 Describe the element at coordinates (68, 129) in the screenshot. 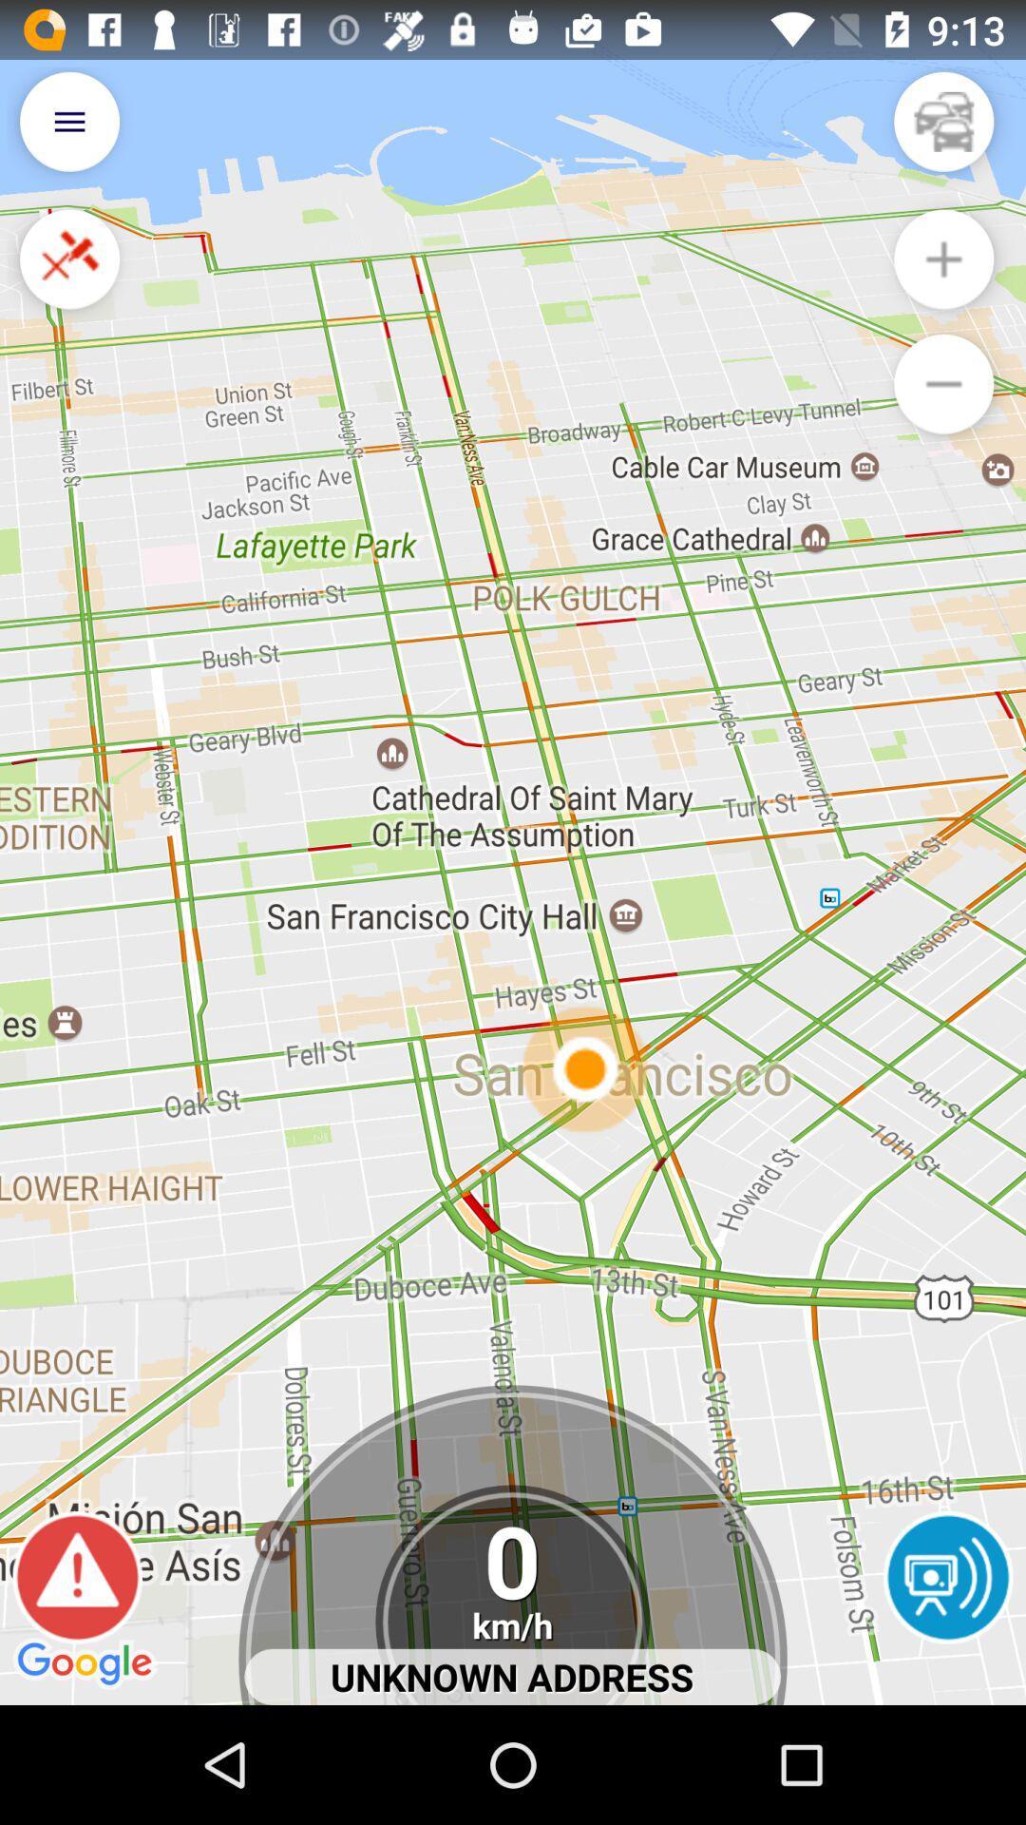

I see `the menu icon` at that location.